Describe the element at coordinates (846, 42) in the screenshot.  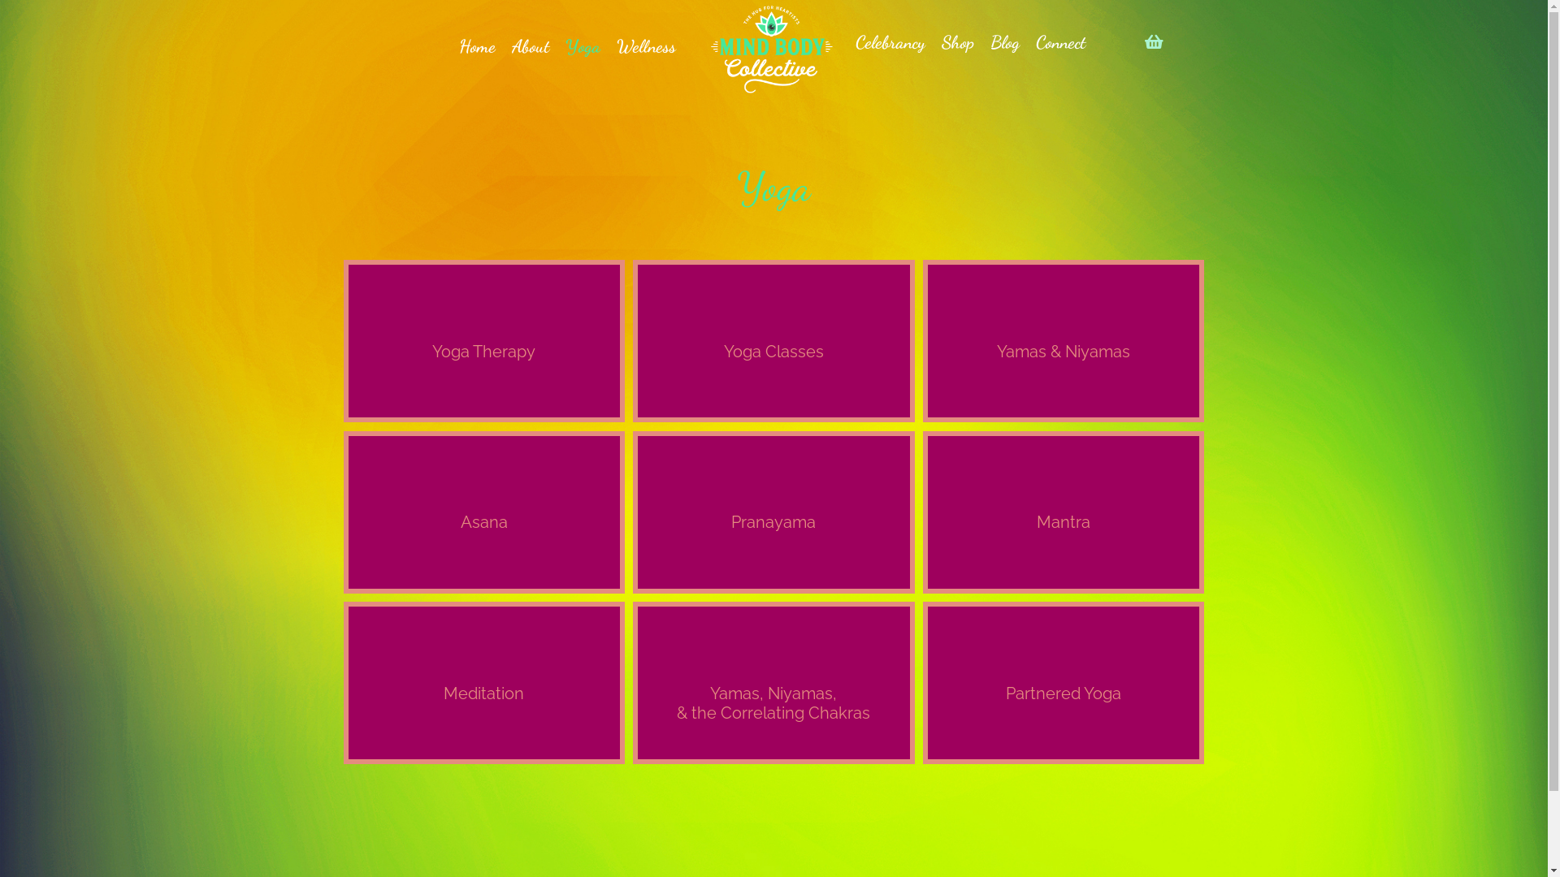
I see `'Celebrancy'` at that location.